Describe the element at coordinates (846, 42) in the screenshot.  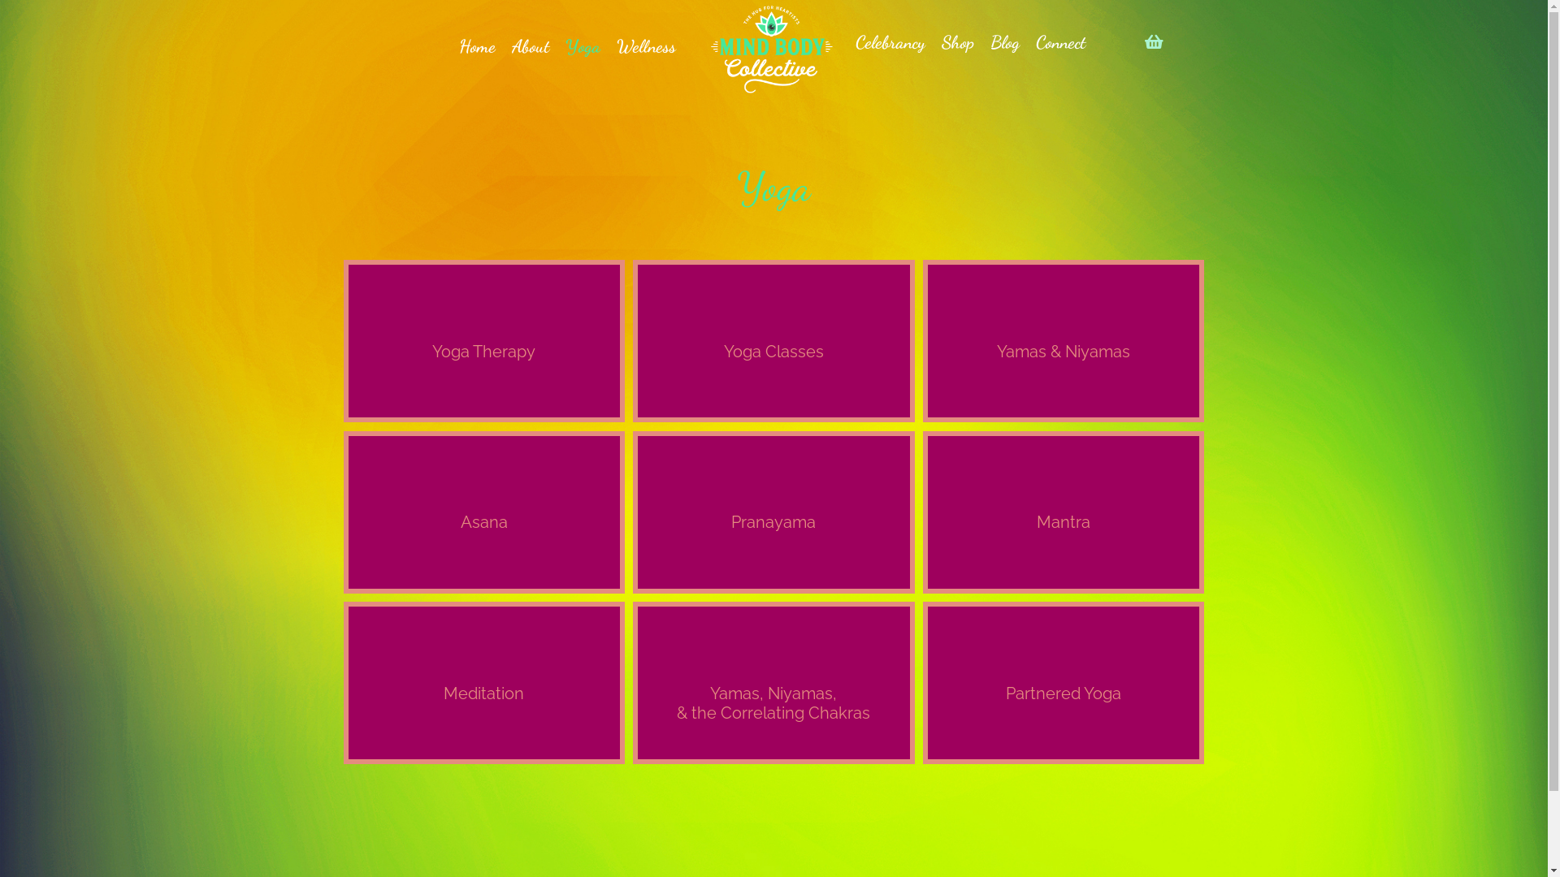
I see `'Celebrancy'` at that location.